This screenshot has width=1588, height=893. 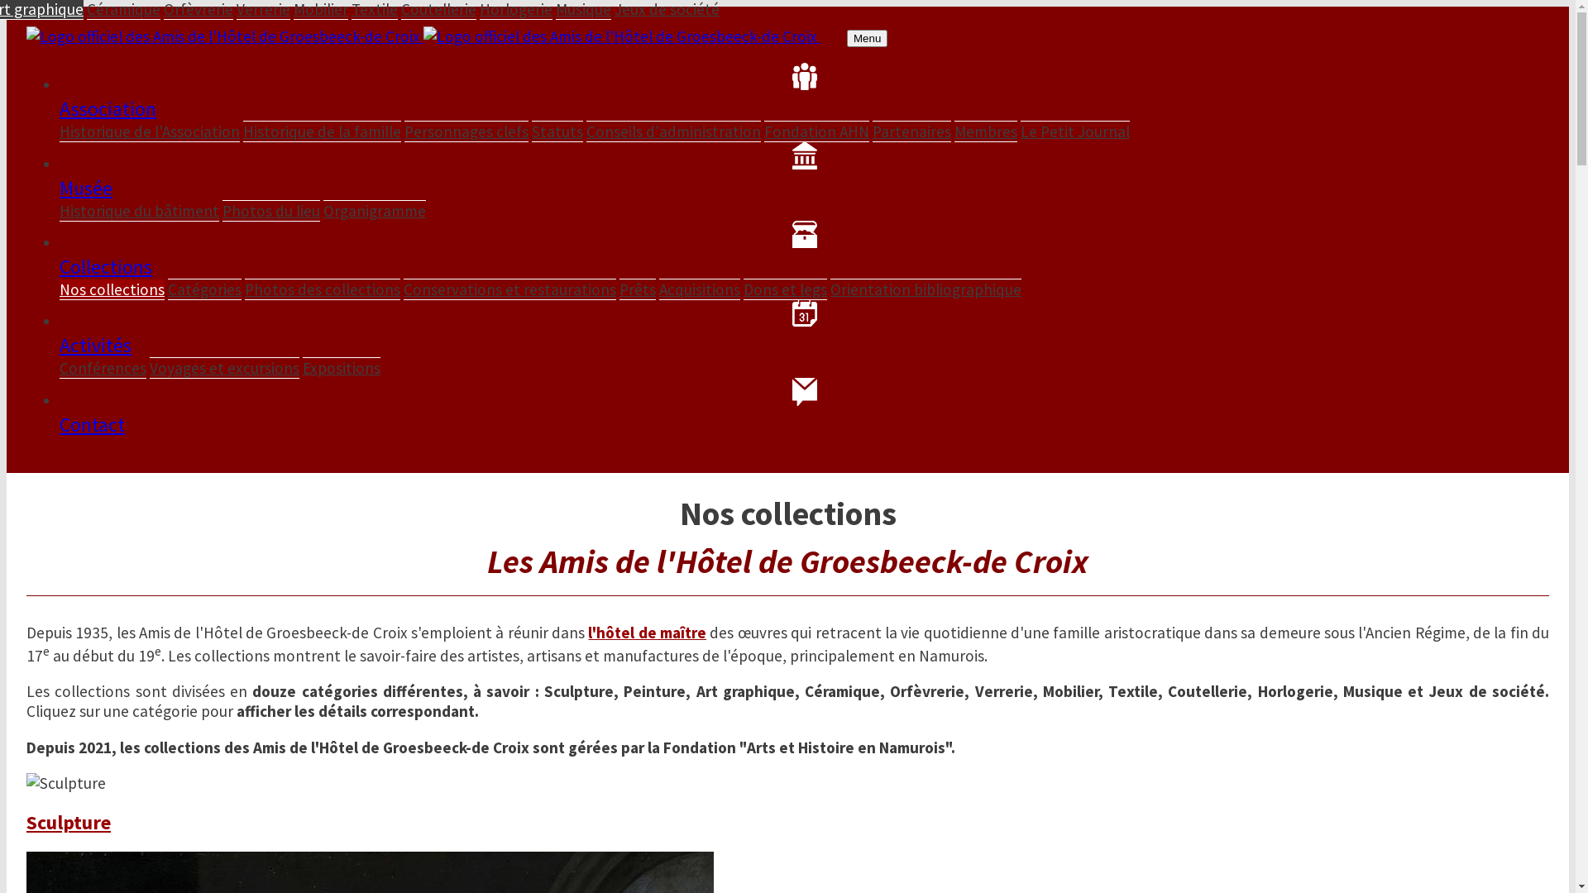 What do you see at coordinates (1075, 130) in the screenshot?
I see `'Le Petit Journal'` at bounding box center [1075, 130].